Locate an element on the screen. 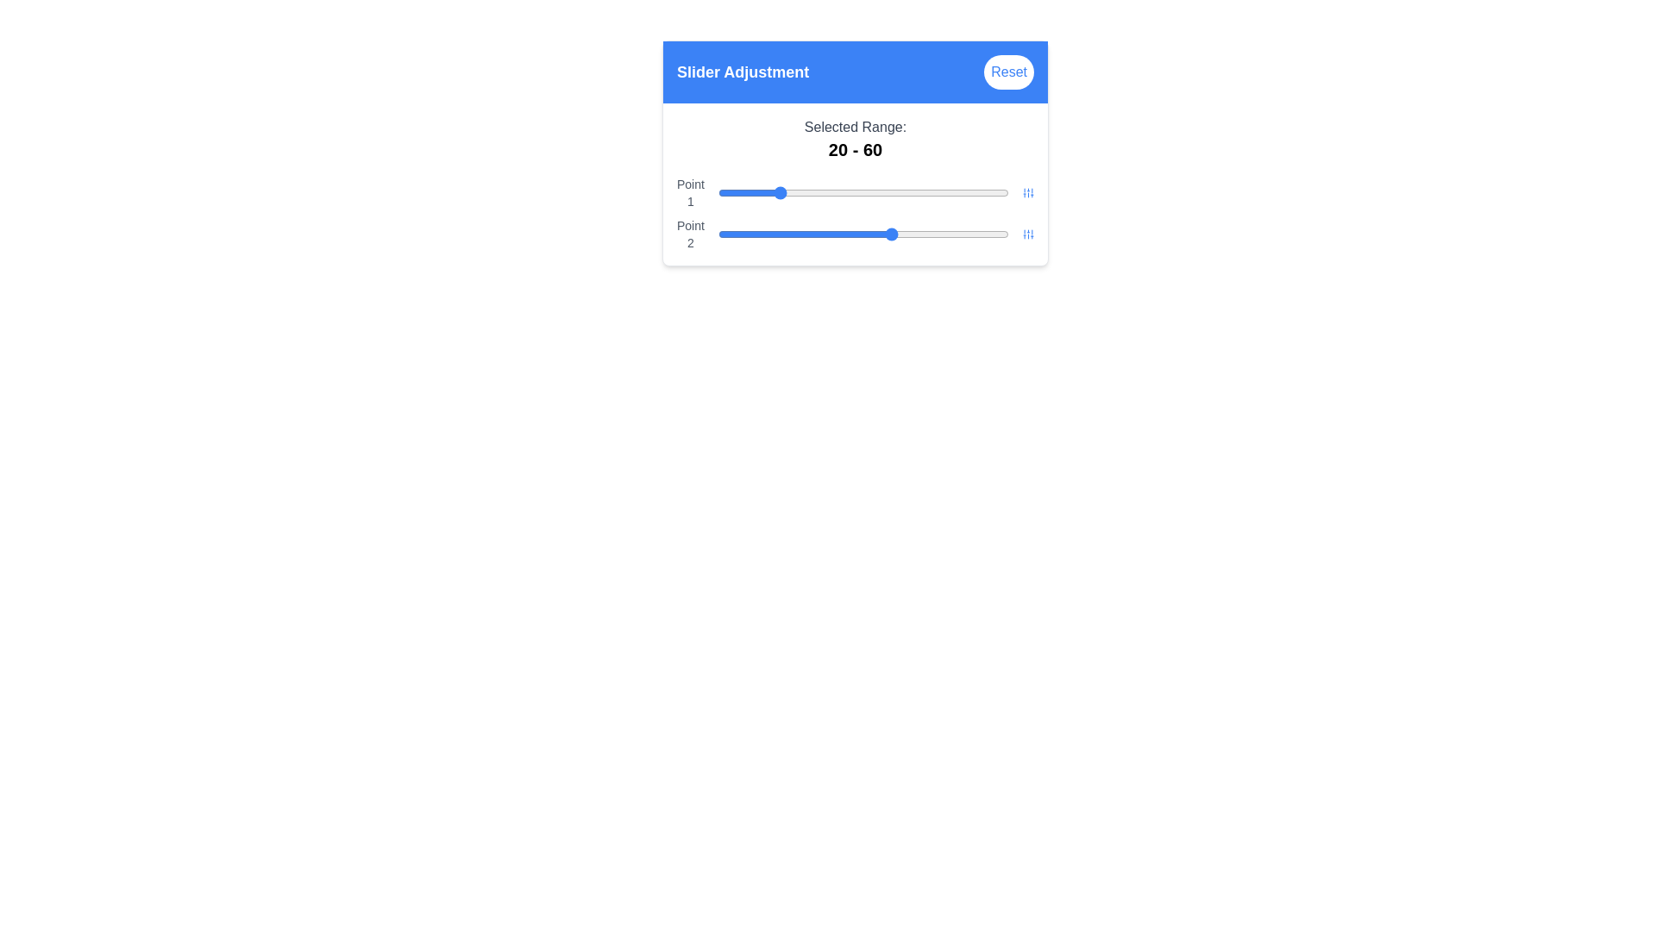 This screenshot has width=1656, height=931. the slider is located at coordinates (947, 234).